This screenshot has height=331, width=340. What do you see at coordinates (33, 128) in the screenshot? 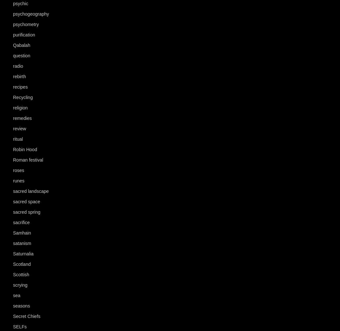
I see `'(439)'` at bounding box center [33, 128].